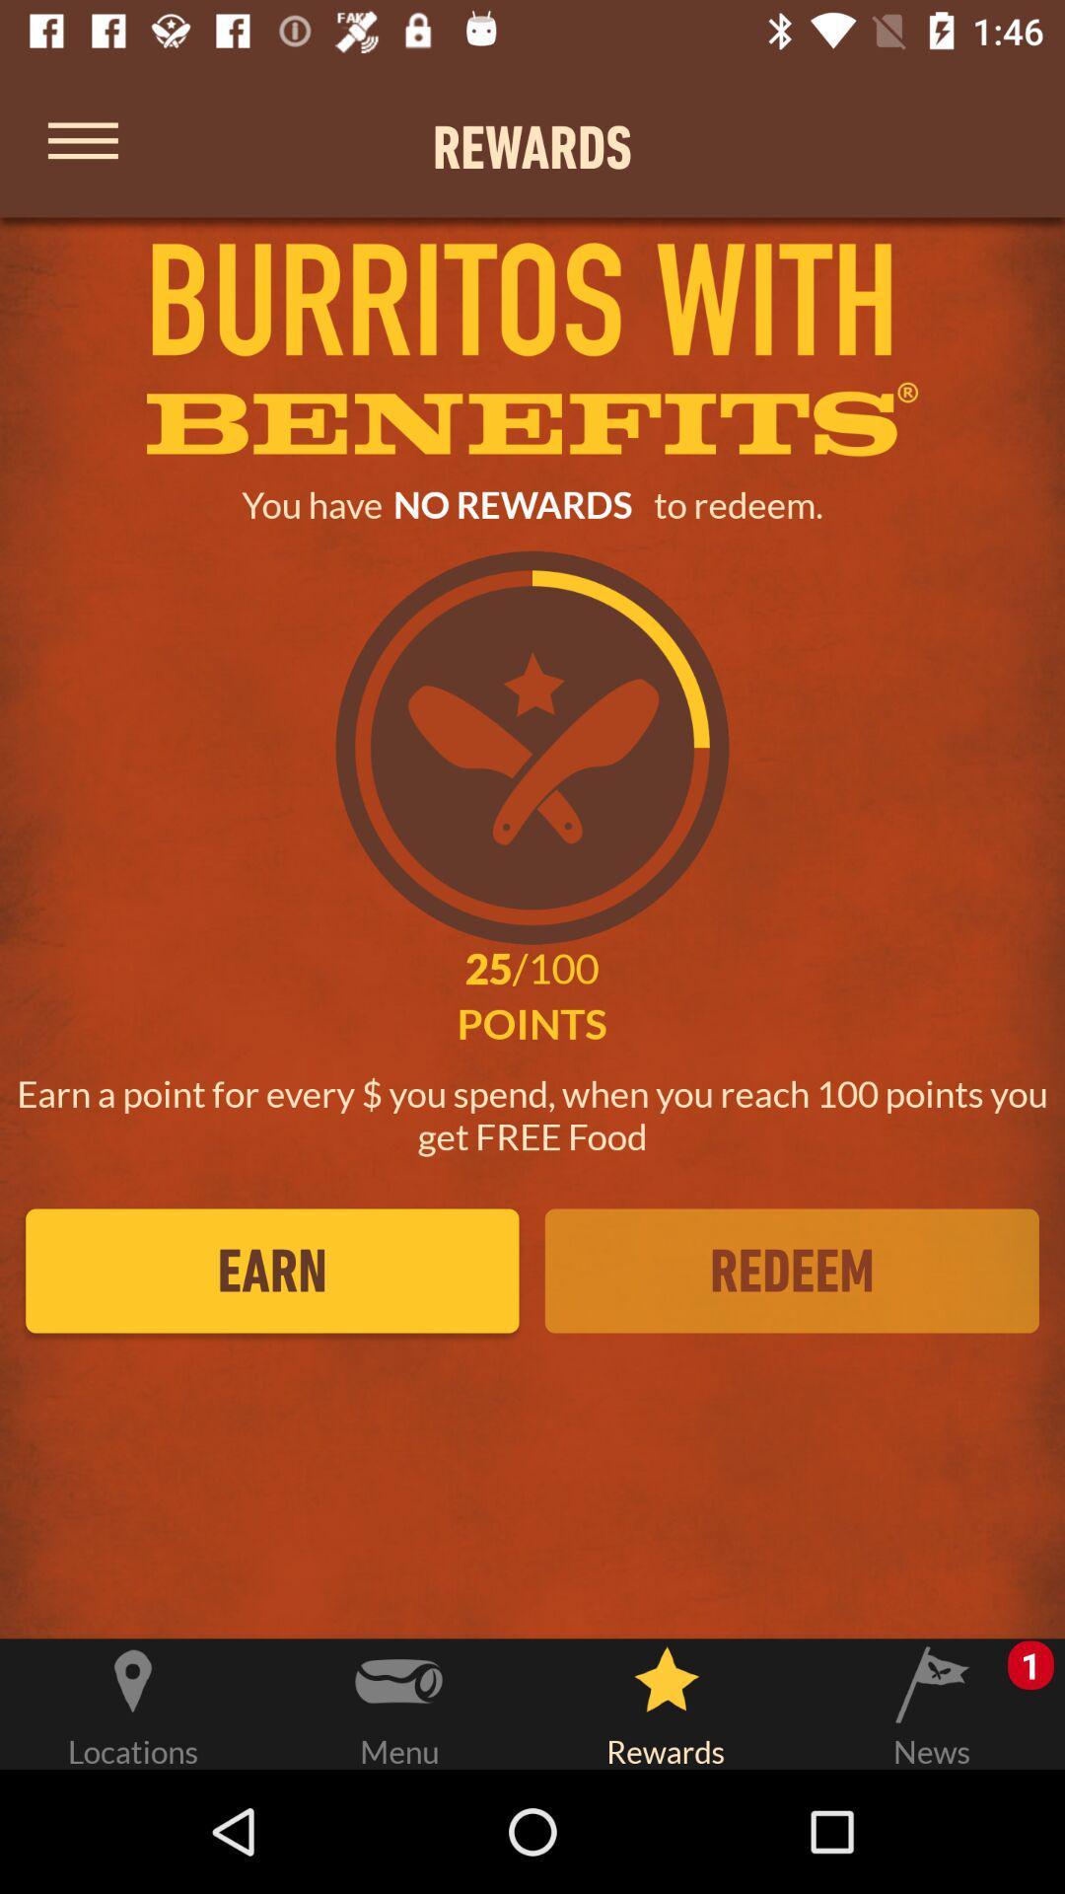 The image size is (1065, 1894). What do you see at coordinates (82, 146) in the screenshot?
I see `menu options` at bounding box center [82, 146].